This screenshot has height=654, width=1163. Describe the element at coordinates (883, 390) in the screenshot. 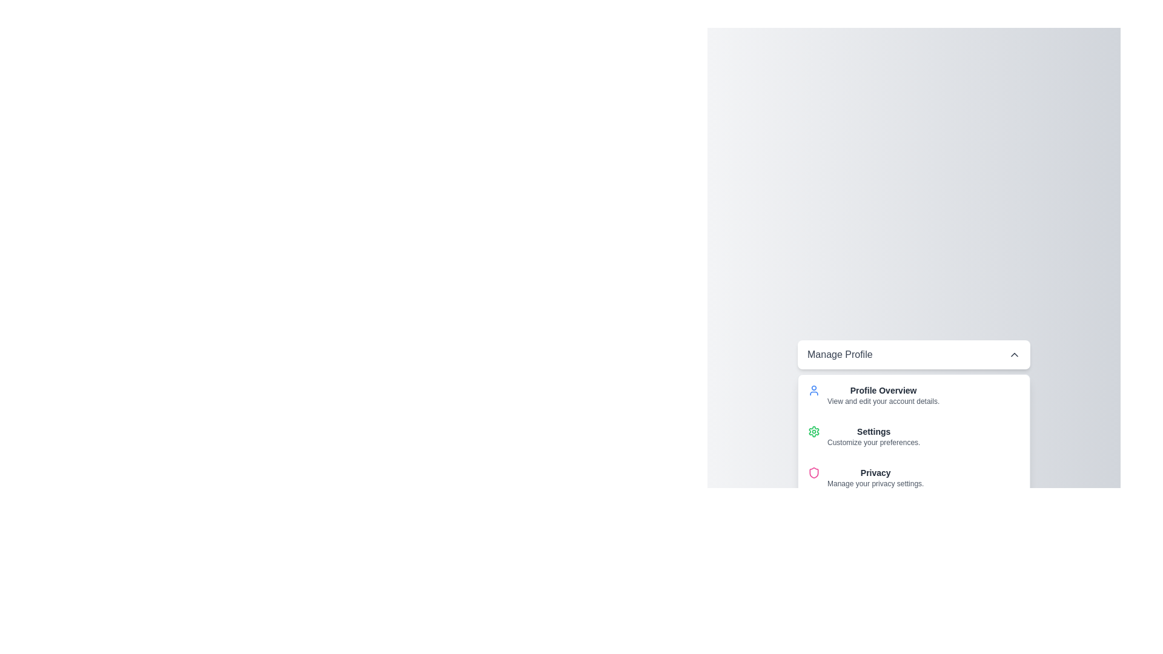

I see `the text label displaying 'Profile Overview' in bold, dark gray font, located at the top of the section under the 'Manage Profile' heading` at that location.